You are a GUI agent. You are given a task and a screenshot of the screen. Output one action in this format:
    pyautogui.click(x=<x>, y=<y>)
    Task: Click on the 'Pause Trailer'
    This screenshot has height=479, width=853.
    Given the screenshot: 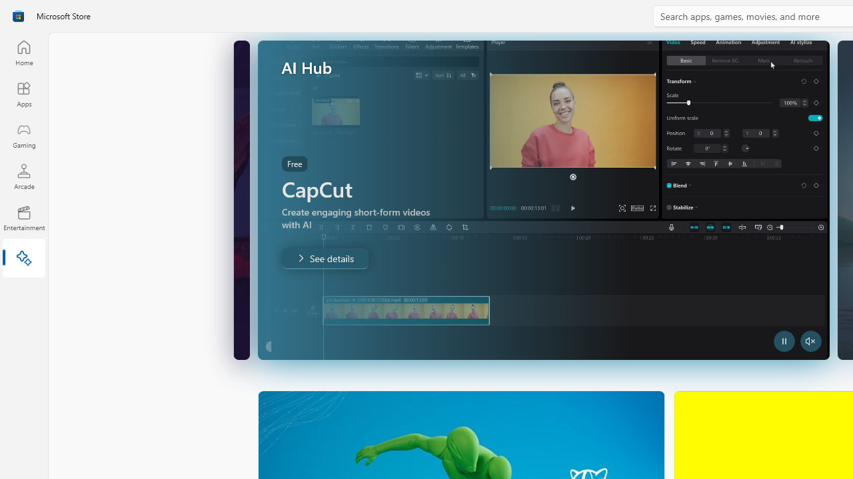 What is the action you would take?
    pyautogui.click(x=783, y=341)
    